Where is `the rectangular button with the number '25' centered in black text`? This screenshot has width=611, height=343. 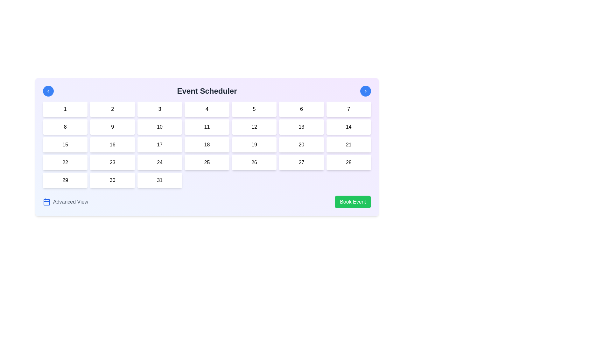
the rectangular button with the number '25' centered in black text is located at coordinates (207, 162).